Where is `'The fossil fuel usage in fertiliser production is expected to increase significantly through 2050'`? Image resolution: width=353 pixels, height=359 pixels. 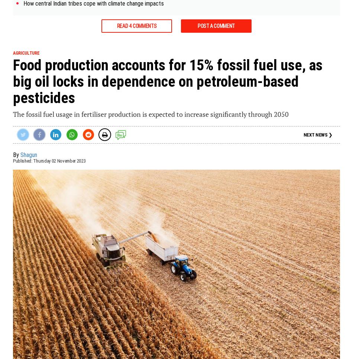 'The fossil fuel usage in fertiliser production is expected to increase significantly through 2050' is located at coordinates (150, 113).